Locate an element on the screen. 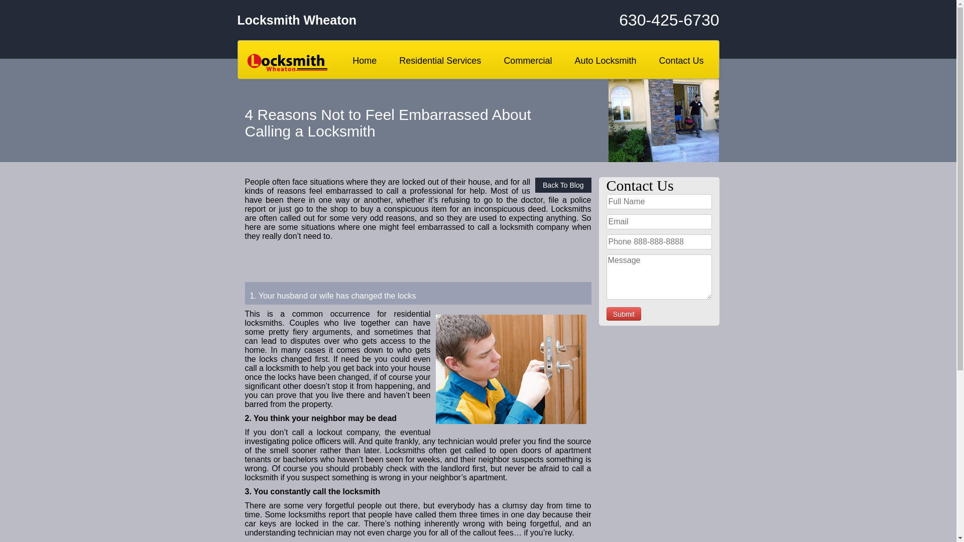  'Residential Services' is located at coordinates (440, 60).